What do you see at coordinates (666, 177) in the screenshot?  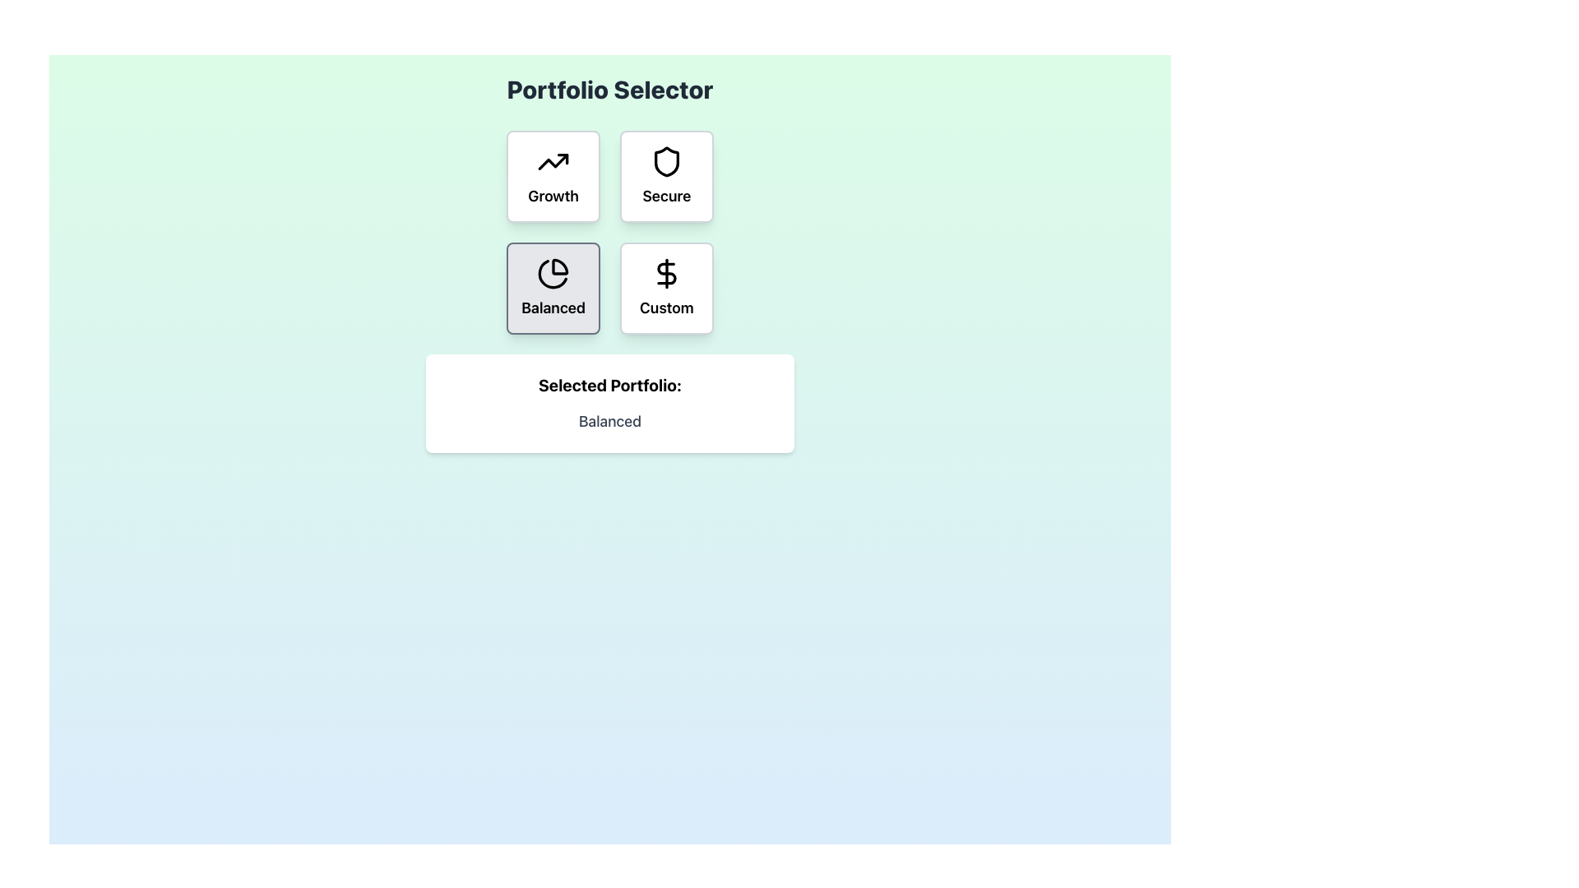 I see `the rectangular button with rounded corners containing a shield icon and the text 'Secure'` at bounding box center [666, 177].